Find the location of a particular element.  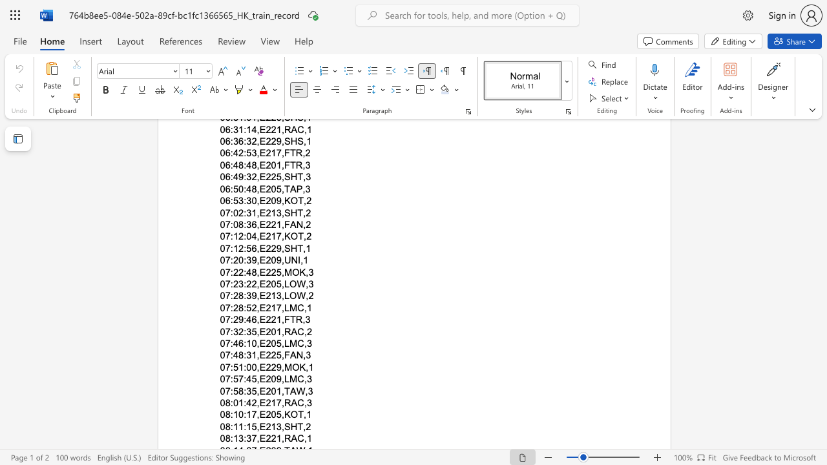

the space between the continuous character "0" and "7" in the text is located at coordinates (225, 390).